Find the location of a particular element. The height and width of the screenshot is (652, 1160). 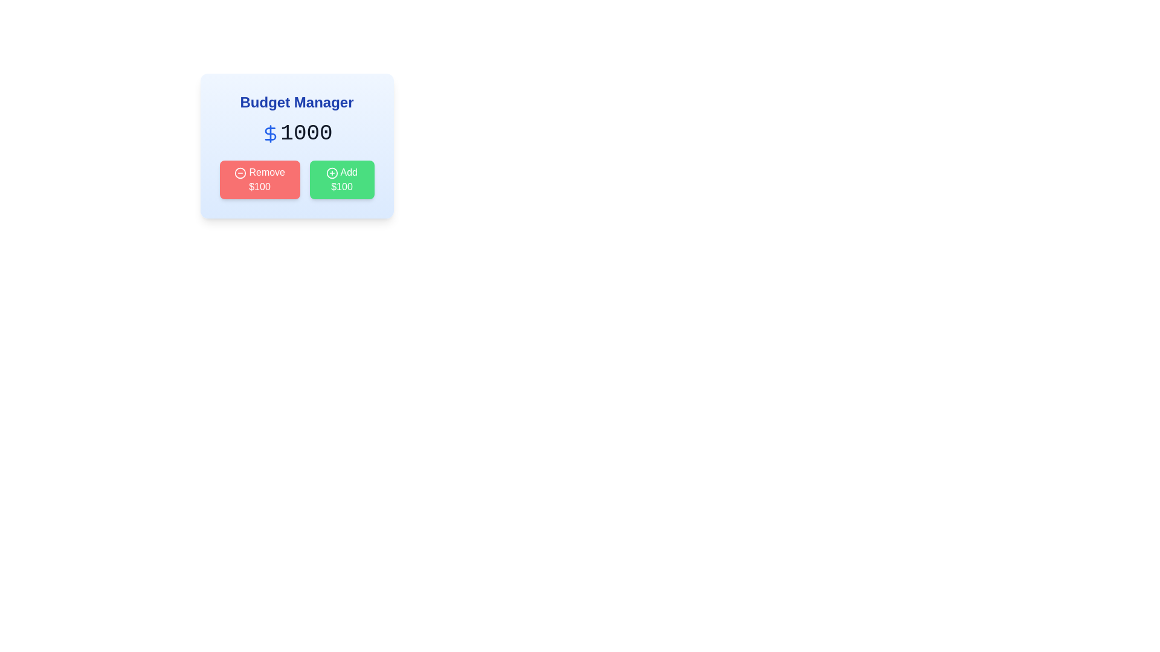

the red 'Remove $100' button with rounded corners and a minus sign icon is located at coordinates (259, 179).